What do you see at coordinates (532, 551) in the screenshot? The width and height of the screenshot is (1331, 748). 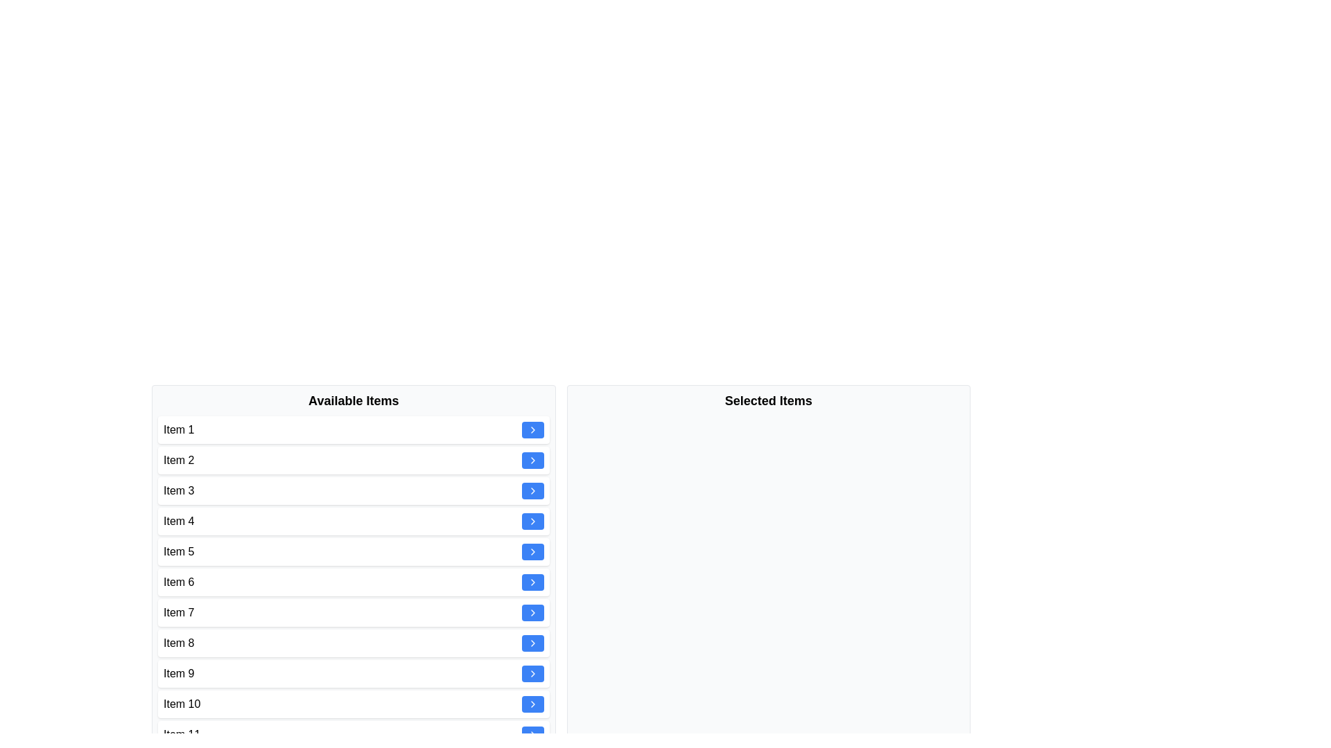 I see `the action trigger button located at the rightmost part of the 'Item 5' list entry under the 'Available Items' section` at bounding box center [532, 551].